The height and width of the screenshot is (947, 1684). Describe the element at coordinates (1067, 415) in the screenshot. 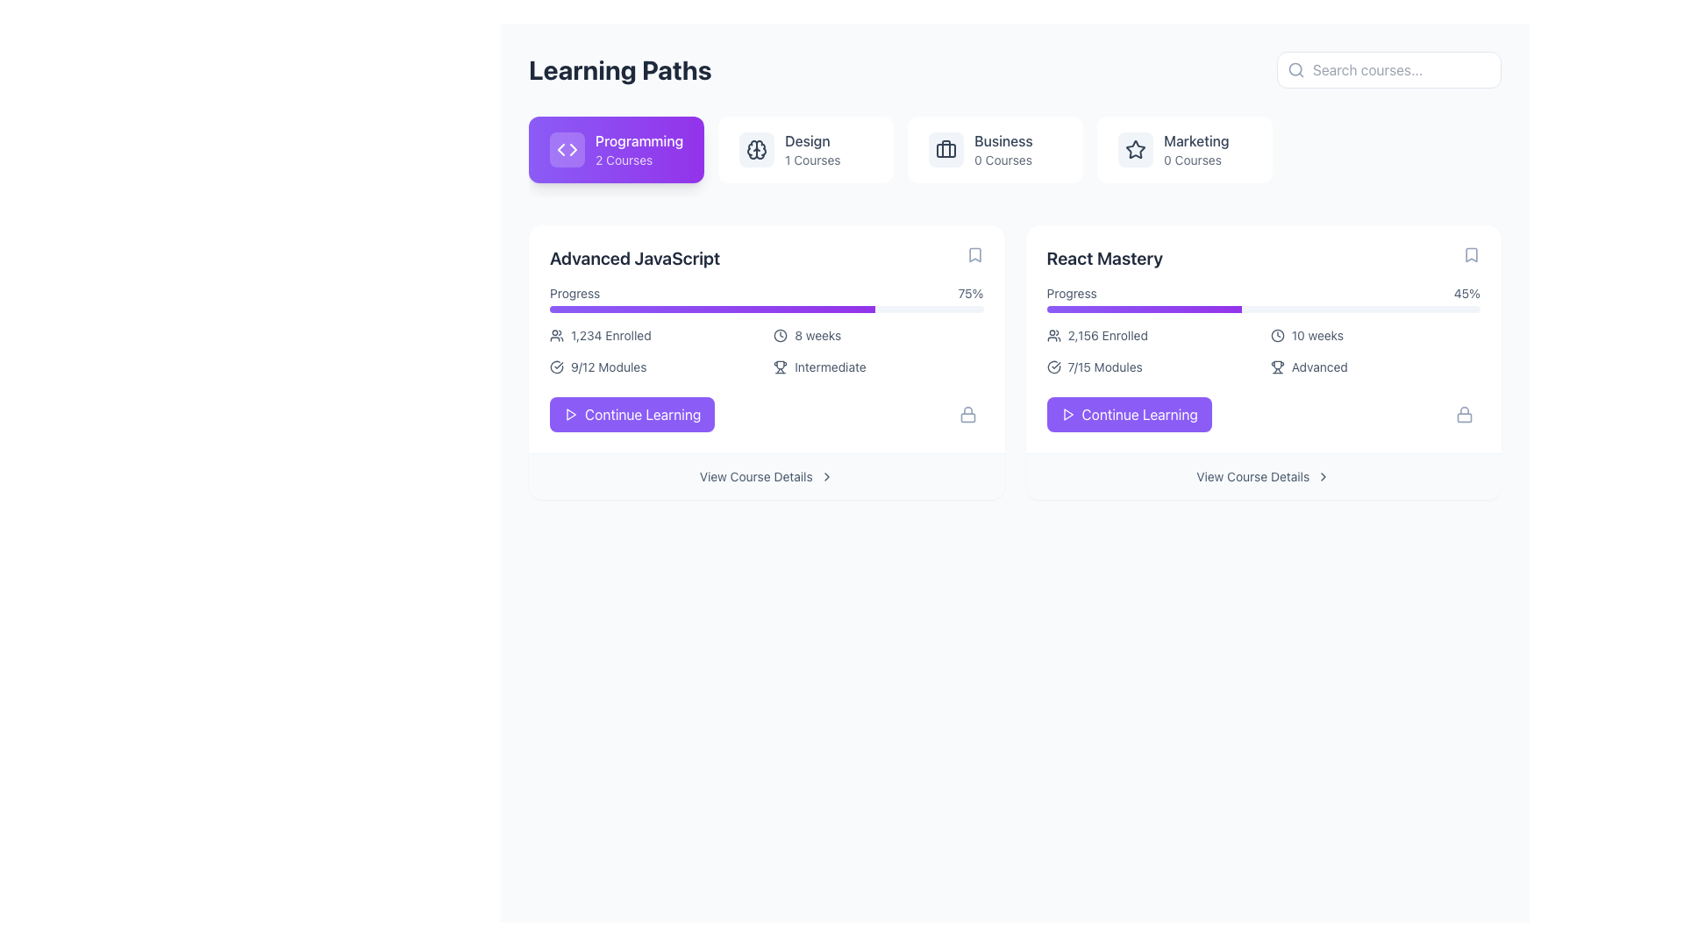

I see `the triangular play icon located on the left side of the 'Continue Learning' button within the 'React Mastery' course card` at that location.